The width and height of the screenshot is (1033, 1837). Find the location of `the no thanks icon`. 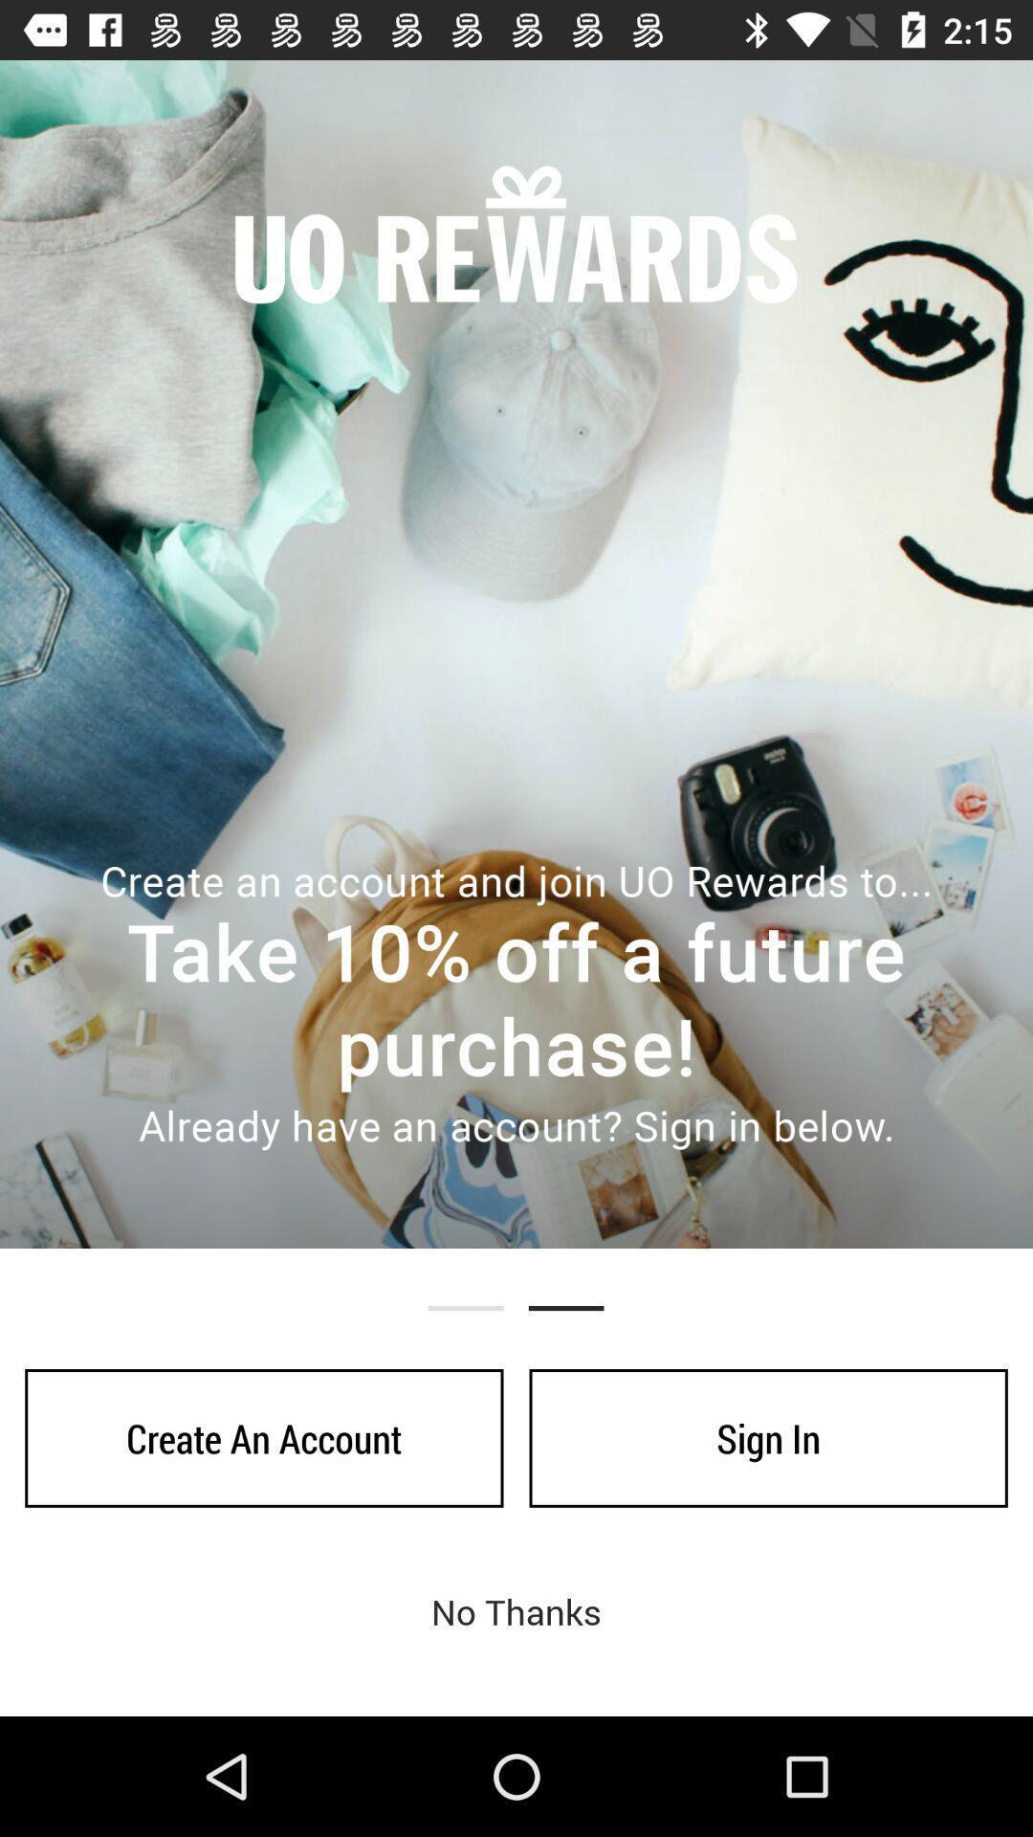

the no thanks icon is located at coordinates (516, 1610).